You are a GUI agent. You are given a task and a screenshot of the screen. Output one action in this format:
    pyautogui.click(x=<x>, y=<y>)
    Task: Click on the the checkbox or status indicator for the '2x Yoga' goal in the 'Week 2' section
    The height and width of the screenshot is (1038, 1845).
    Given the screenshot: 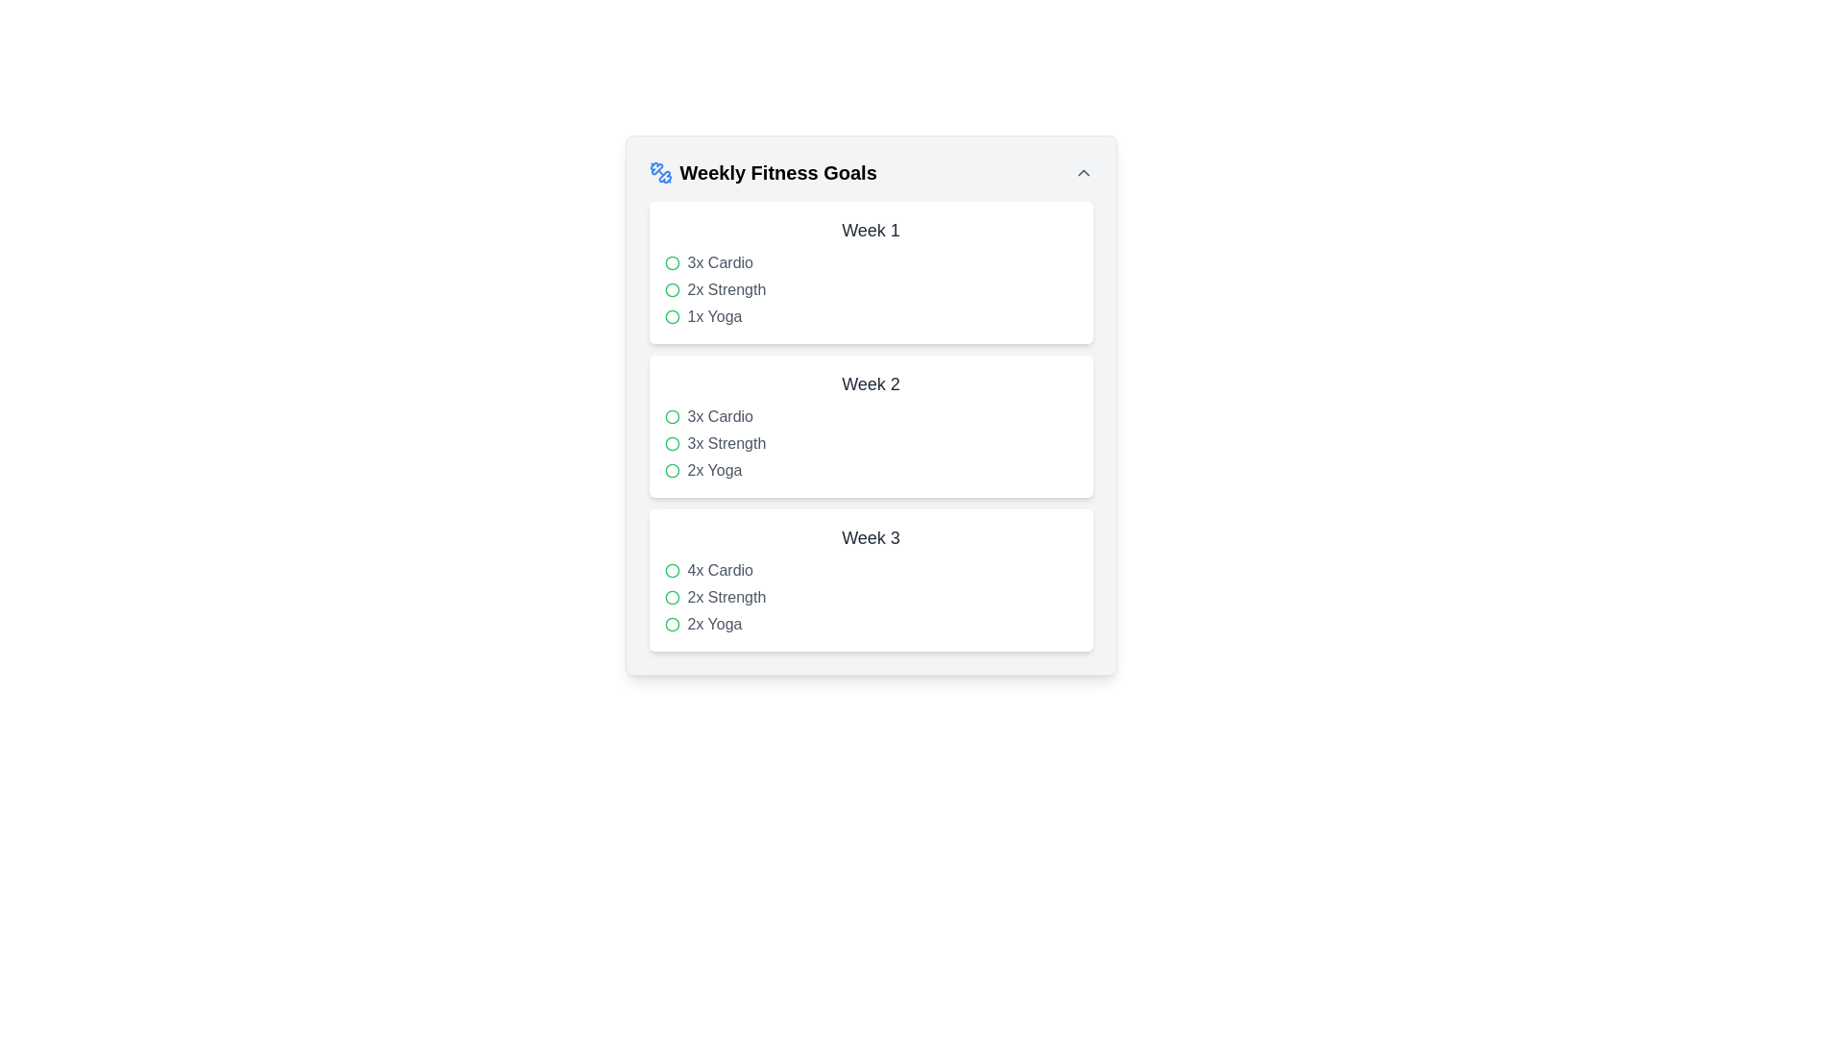 What is the action you would take?
    pyautogui.click(x=672, y=470)
    